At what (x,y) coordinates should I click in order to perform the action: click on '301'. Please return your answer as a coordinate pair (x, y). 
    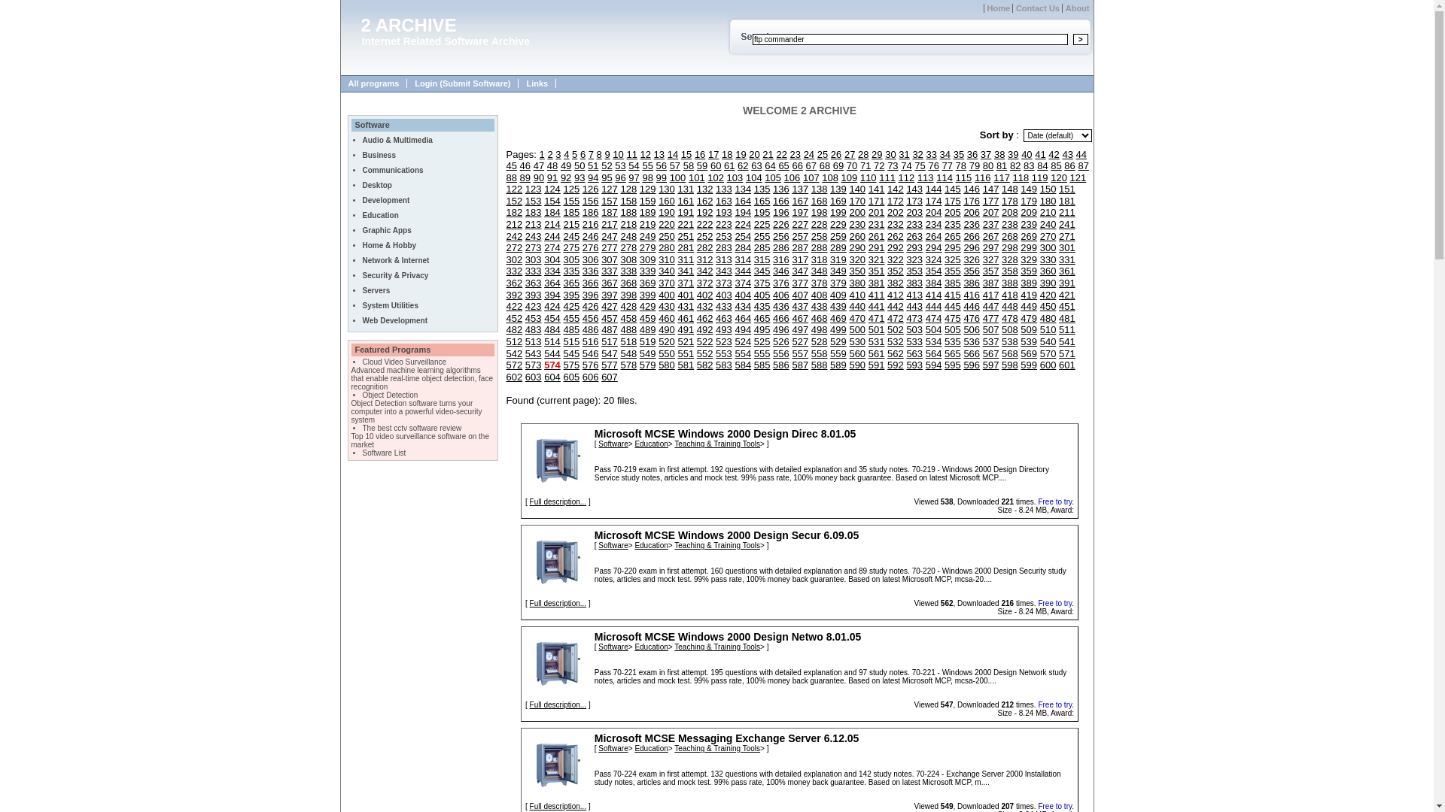
    Looking at the image, I should click on (1057, 247).